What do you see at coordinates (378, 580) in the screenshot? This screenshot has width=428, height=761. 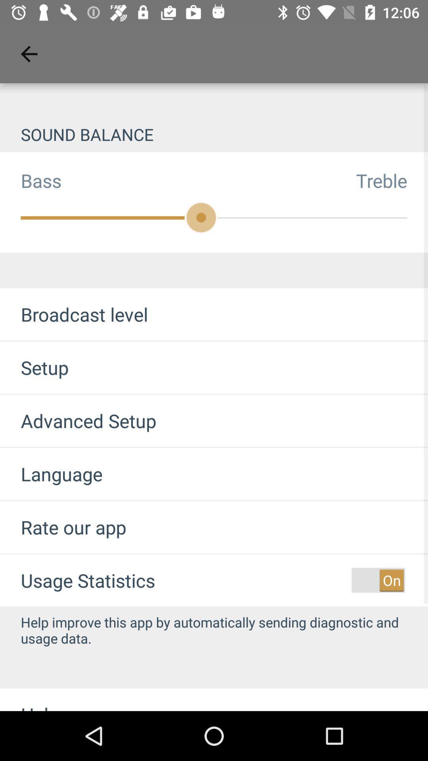 I see `item at the bottom right corner` at bounding box center [378, 580].